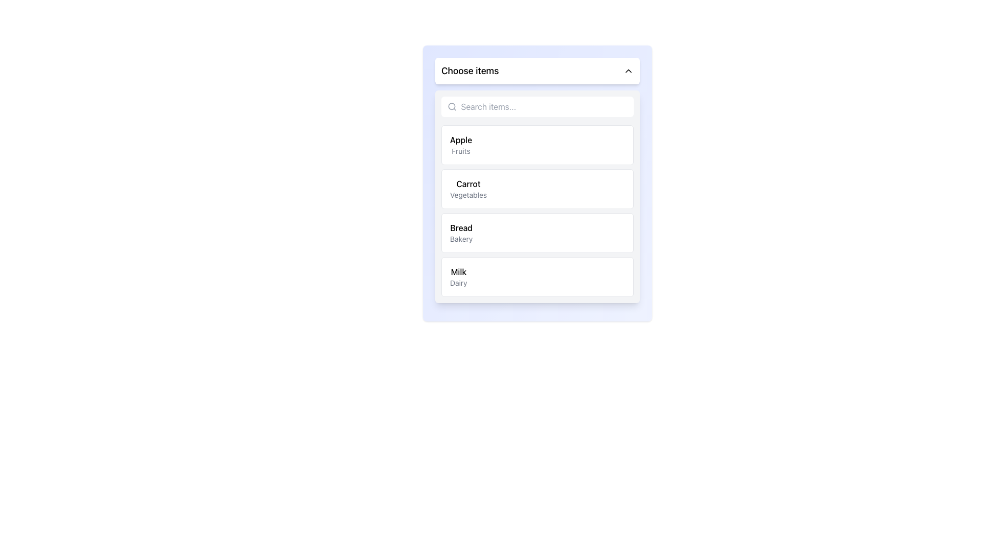 The height and width of the screenshot is (552, 982). What do you see at coordinates (537, 189) in the screenshot?
I see `the 'Carrot' card, which is the second card in the dropdown list of selectable options` at bounding box center [537, 189].